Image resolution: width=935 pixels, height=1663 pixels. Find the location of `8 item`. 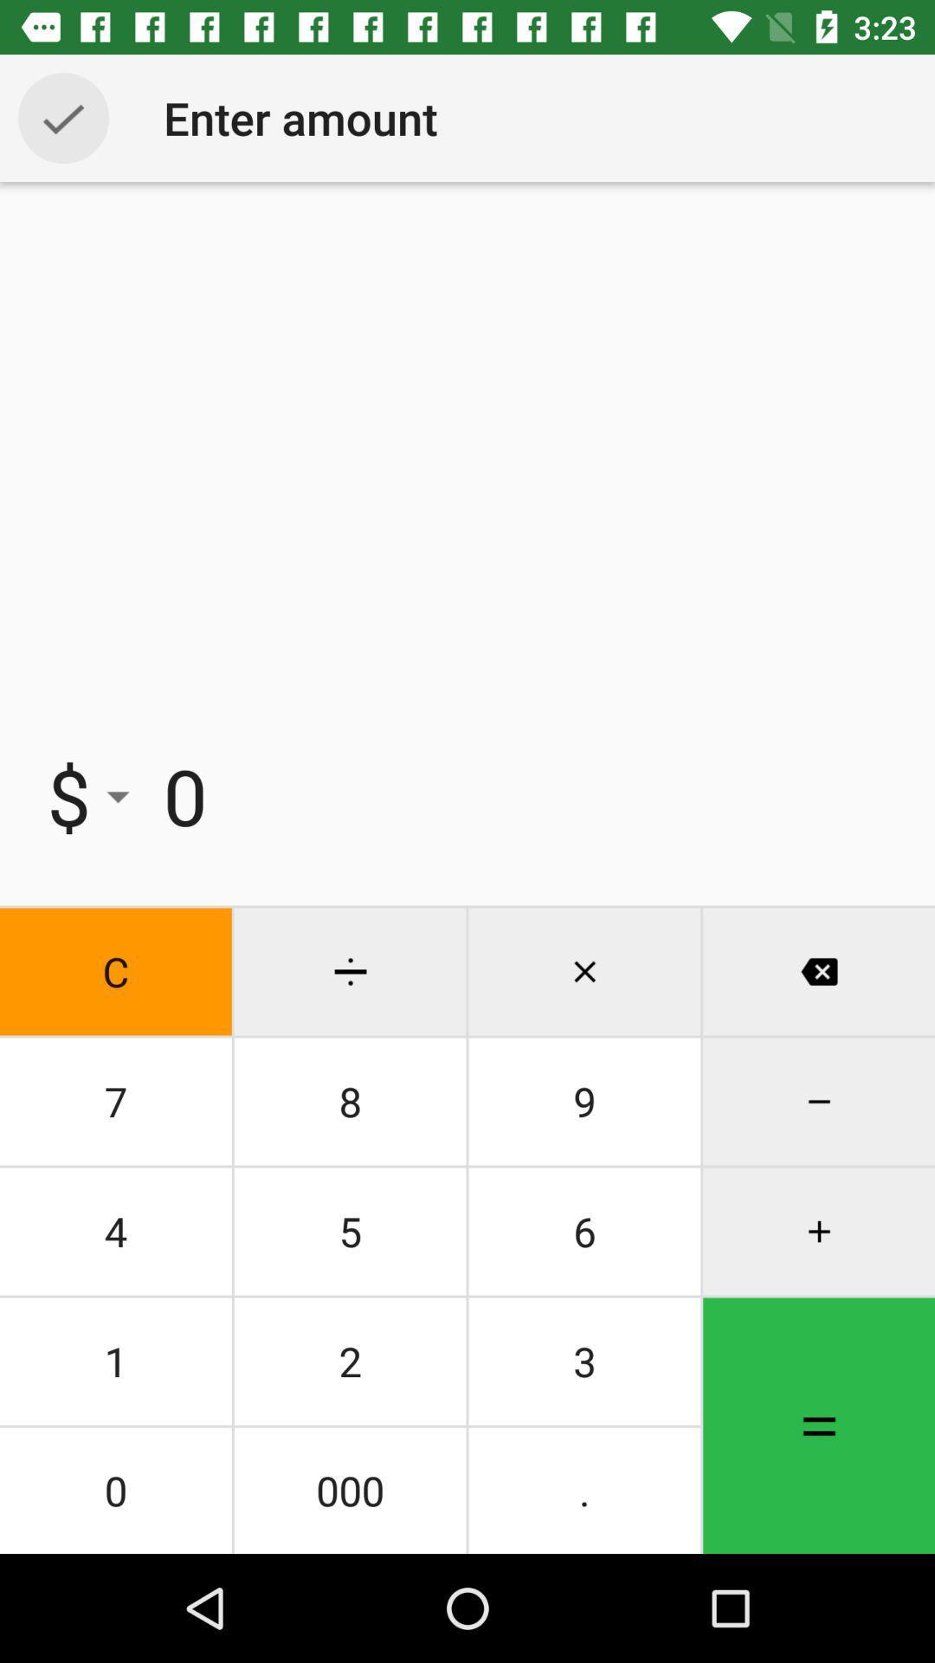

8 item is located at coordinates (350, 1101).